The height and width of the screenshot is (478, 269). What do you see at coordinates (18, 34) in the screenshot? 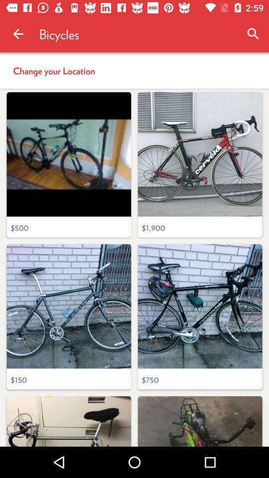
I see `the icon above the change your location` at bounding box center [18, 34].